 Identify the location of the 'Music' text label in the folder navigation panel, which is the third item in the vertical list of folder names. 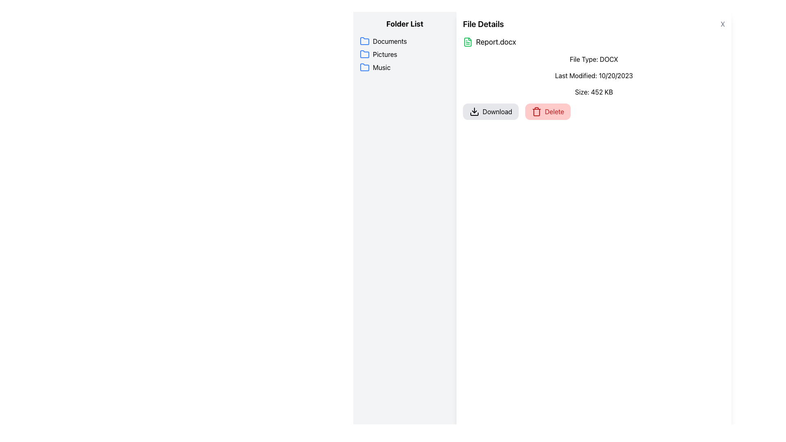
(381, 67).